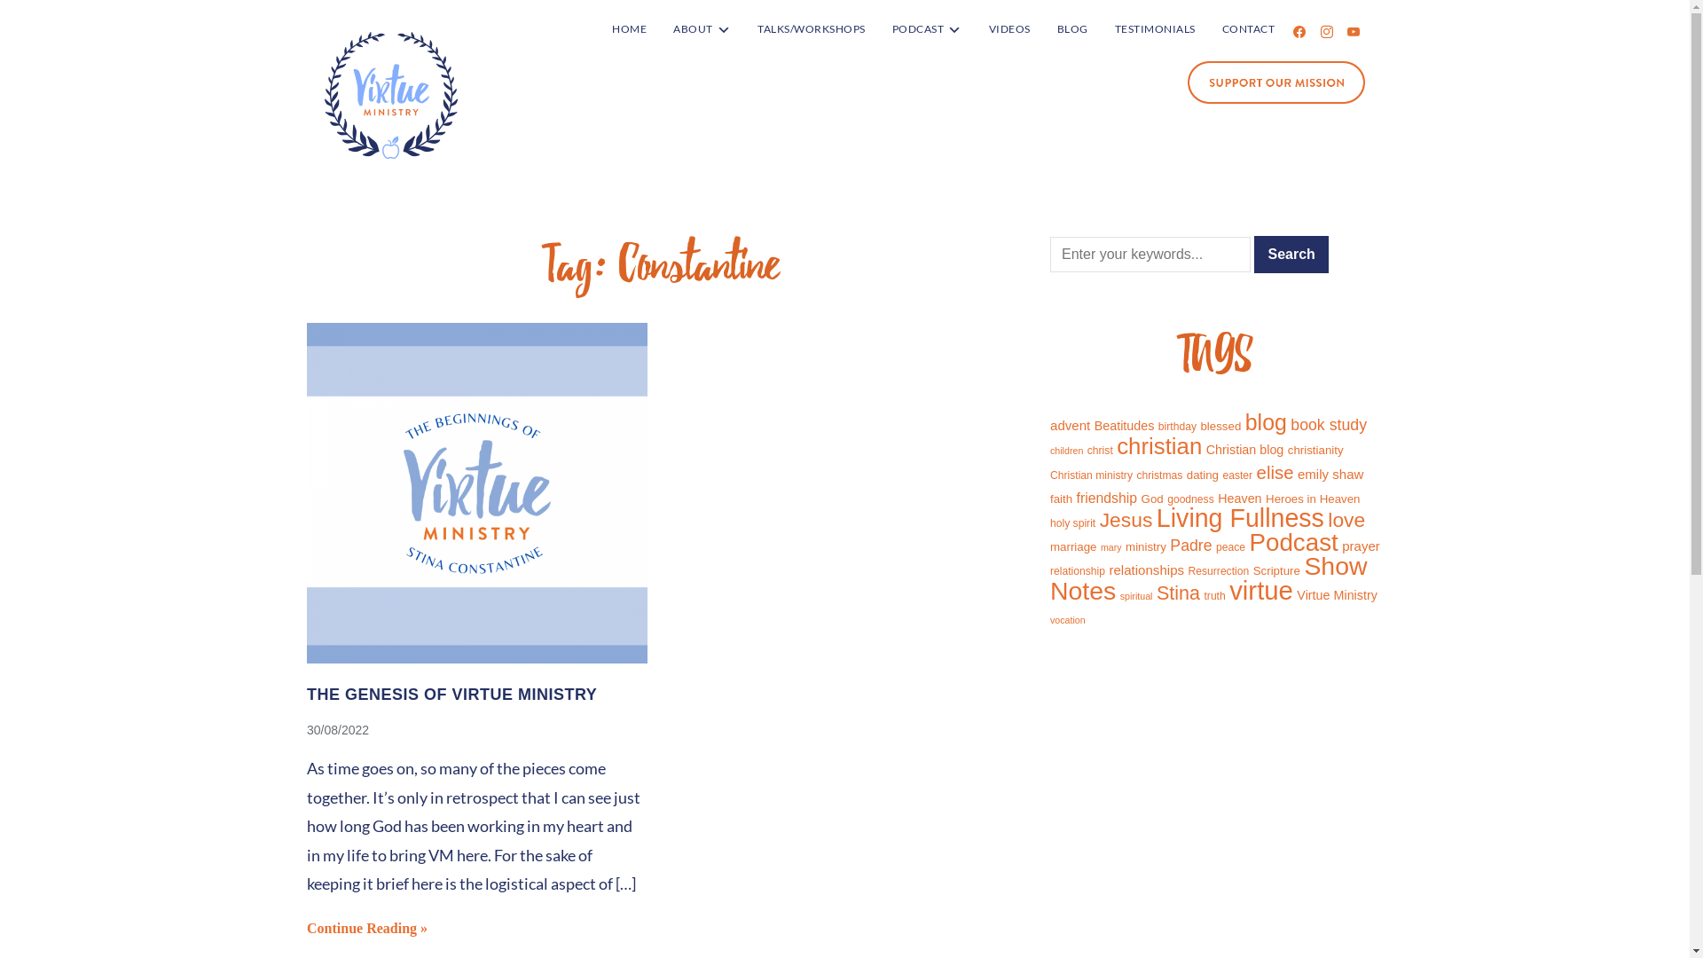 The width and height of the screenshot is (1703, 958). Describe the element at coordinates (1299, 30) in the screenshot. I see `'facebook'` at that location.